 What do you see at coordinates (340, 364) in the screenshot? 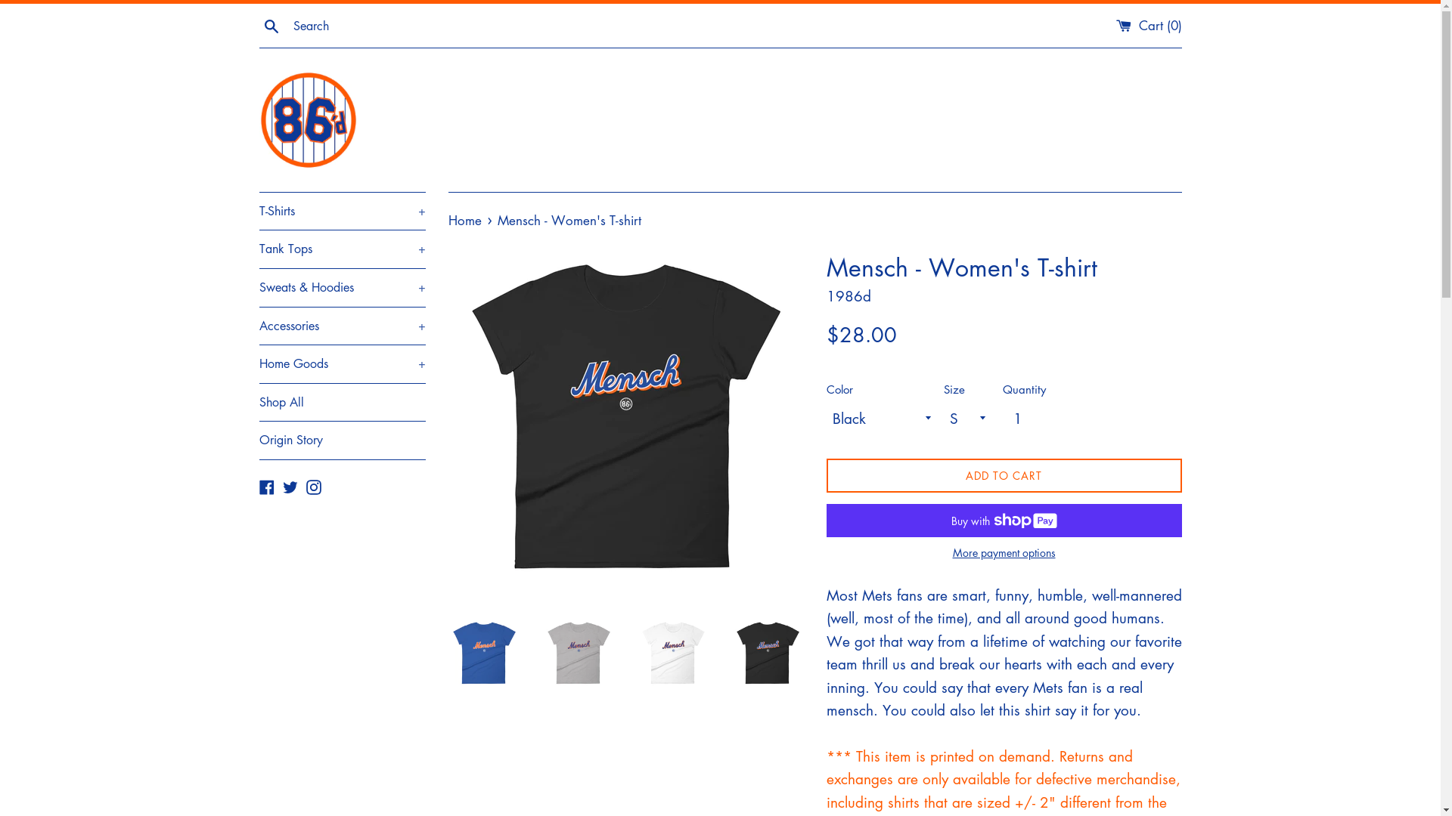
I see `'Home Goods` at bounding box center [340, 364].